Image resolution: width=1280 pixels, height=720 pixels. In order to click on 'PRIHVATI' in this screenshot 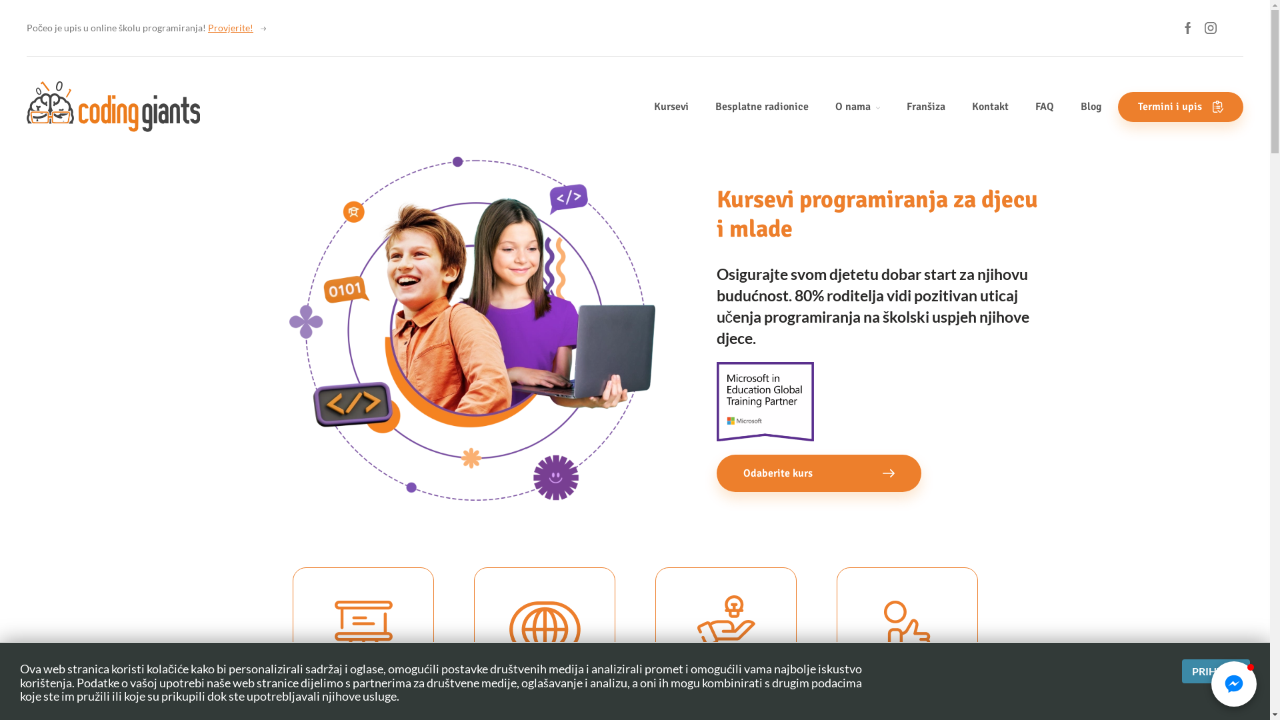, I will do `click(1216, 671)`.